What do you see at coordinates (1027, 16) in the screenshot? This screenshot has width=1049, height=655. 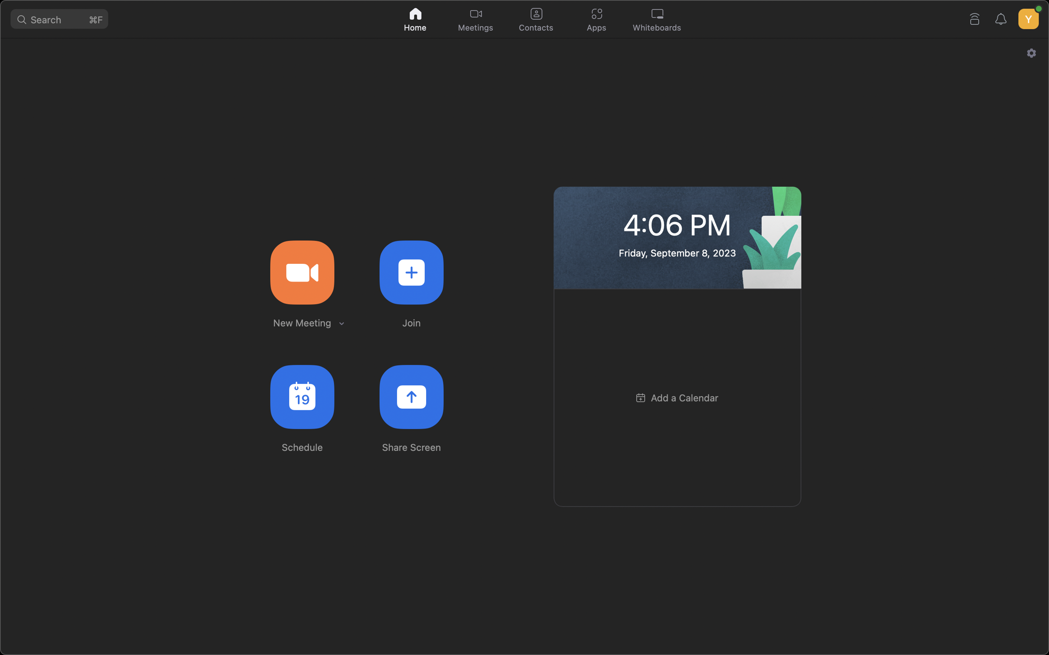 I see `your profile settings by clicking the account symbol` at bounding box center [1027, 16].